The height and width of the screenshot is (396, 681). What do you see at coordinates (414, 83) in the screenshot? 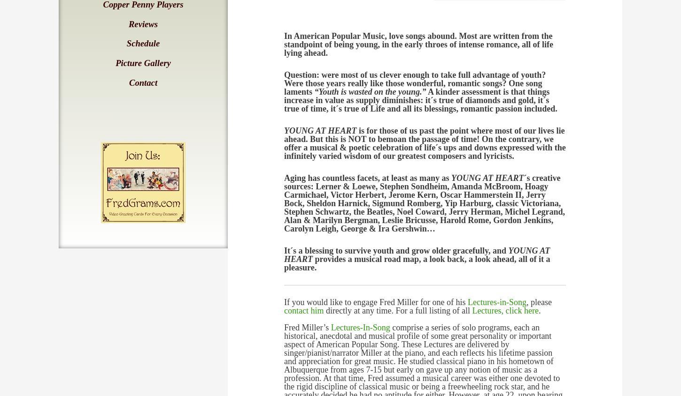
I see `'Question: were most of us clever enough to take full advantage of youth? Were those years really like those wonderful, romantic songs? One song laments'` at bounding box center [414, 83].